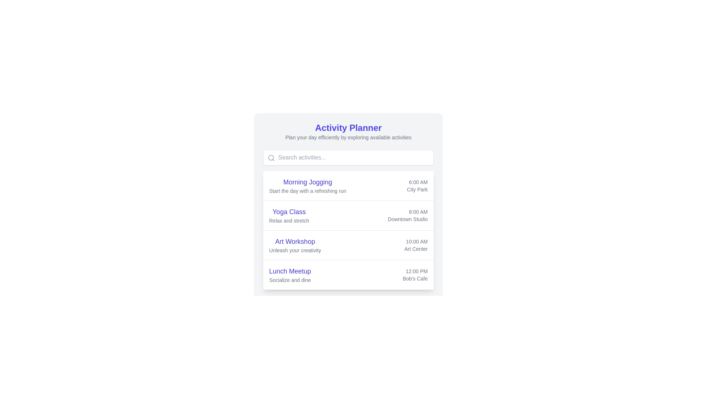 The width and height of the screenshot is (705, 396). What do you see at coordinates (348, 274) in the screenshot?
I see `the informational display card that shows event details, which is the fourth entry in a vertically stacked list, located at the bottom and identifiable by its distinctive content` at bounding box center [348, 274].